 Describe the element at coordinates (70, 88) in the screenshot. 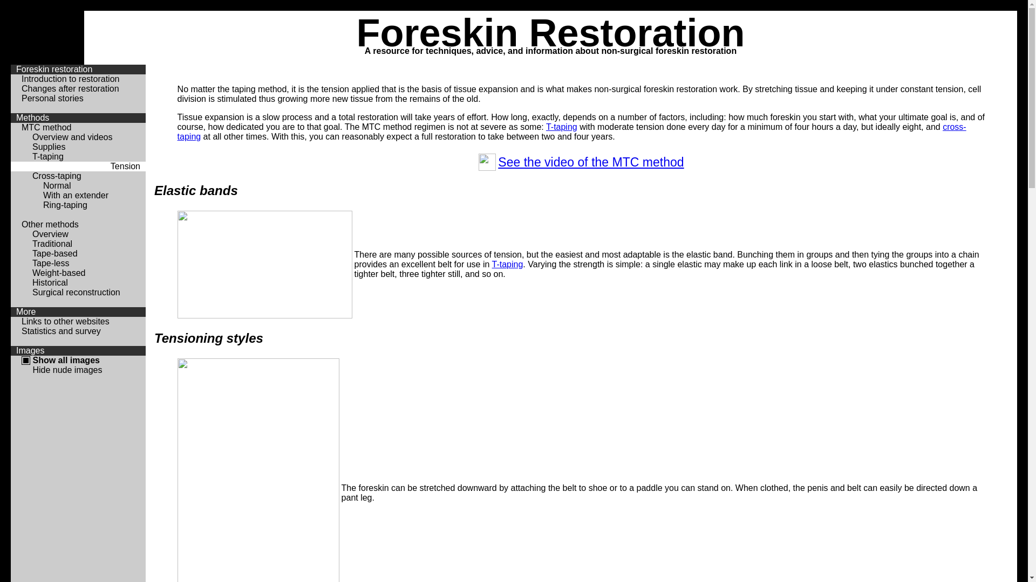

I see `'Changes after restoration'` at that location.